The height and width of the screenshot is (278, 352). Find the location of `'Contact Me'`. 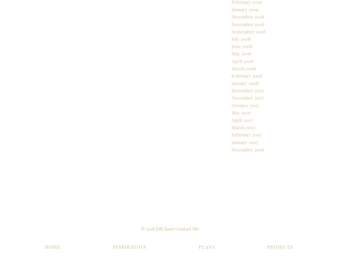

'Contact Me' is located at coordinates (166, 228).